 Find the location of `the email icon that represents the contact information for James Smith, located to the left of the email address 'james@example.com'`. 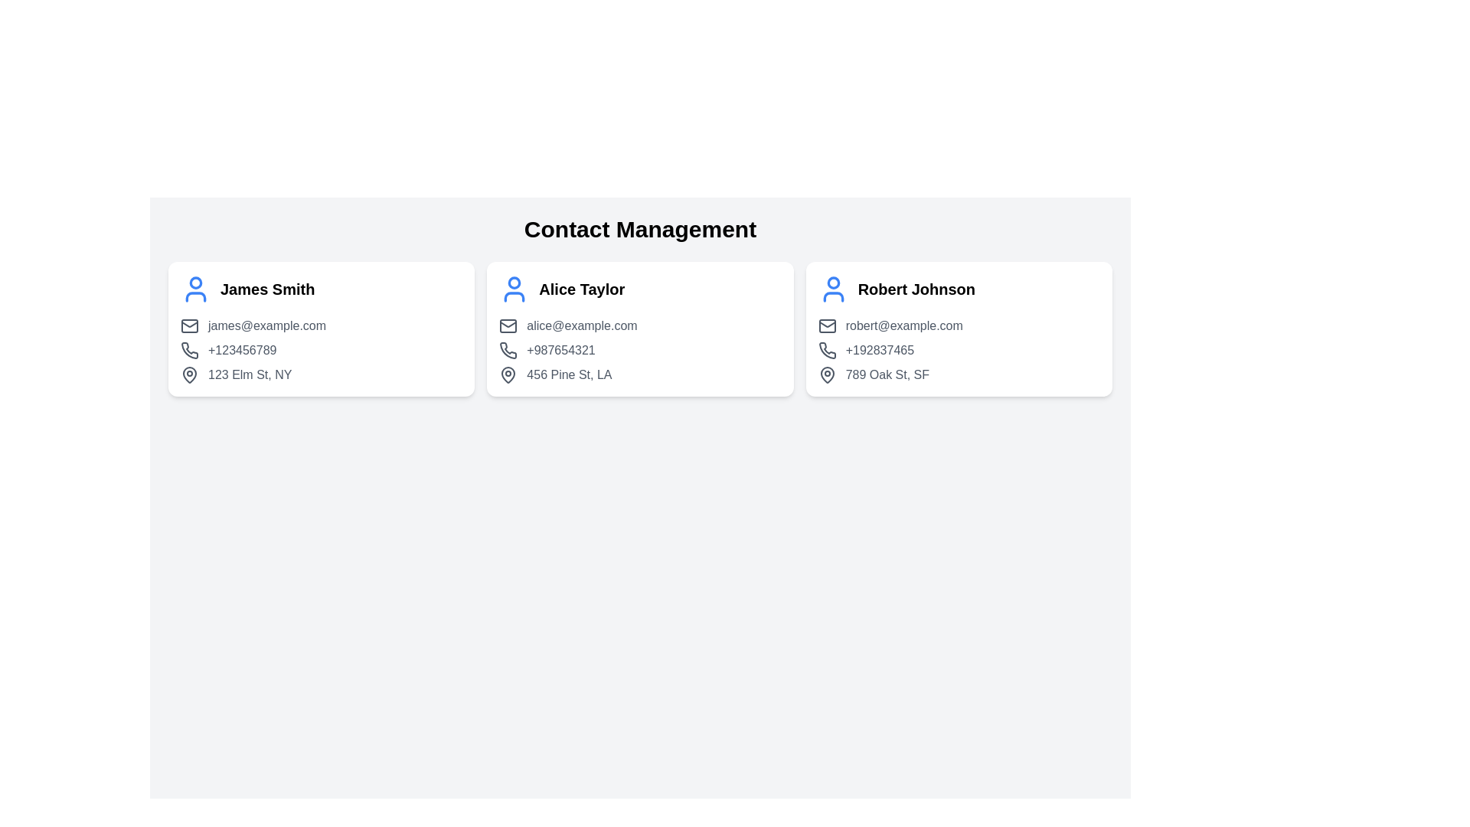

the email icon that represents the contact information for James Smith, located to the left of the email address 'james@example.com' is located at coordinates (189, 325).